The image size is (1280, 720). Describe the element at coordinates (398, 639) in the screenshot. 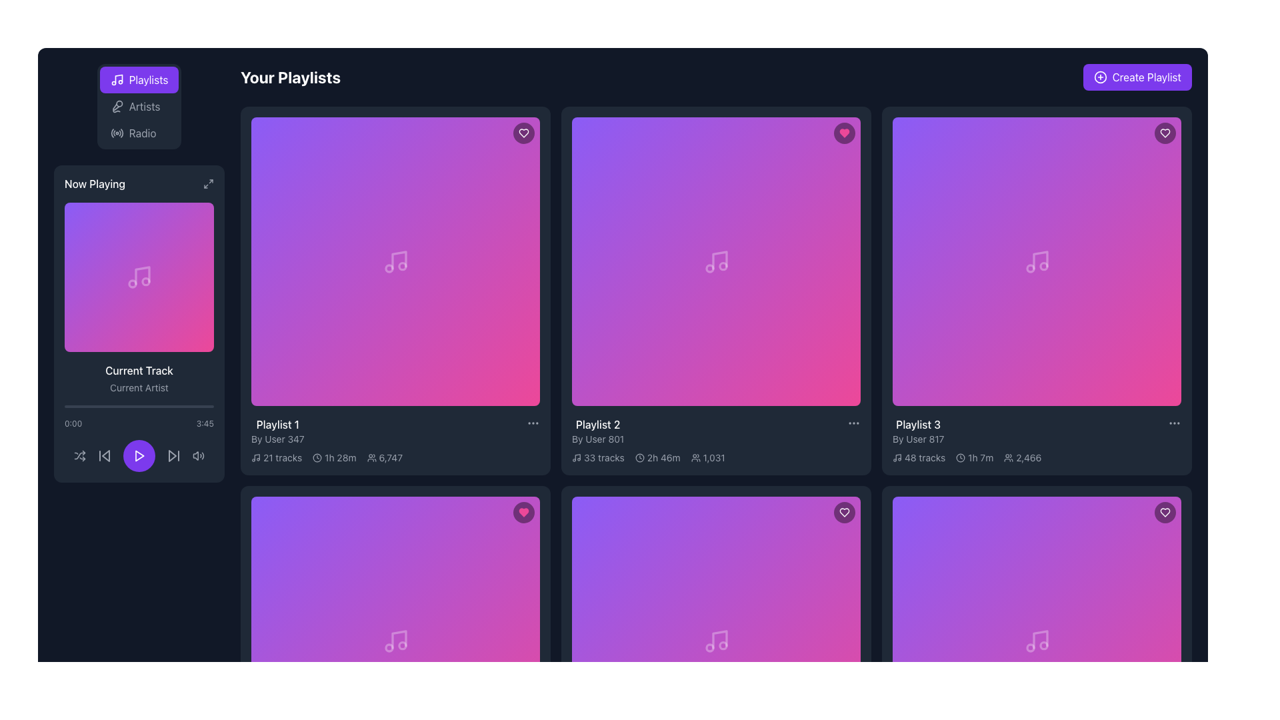

I see `the vertical line musical note icon located in the lower-right section of the album cover in the second row and third column of the playlist grid` at that location.